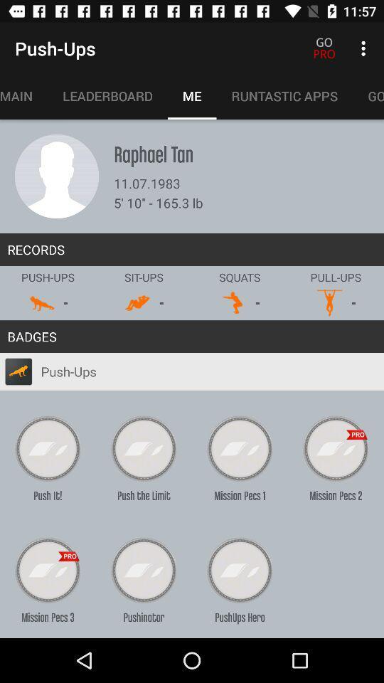 The height and width of the screenshot is (683, 384). What do you see at coordinates (365, 48) in the screenshot?
I see `the item above the runtastic apps item` at bounding box center [365, 48].